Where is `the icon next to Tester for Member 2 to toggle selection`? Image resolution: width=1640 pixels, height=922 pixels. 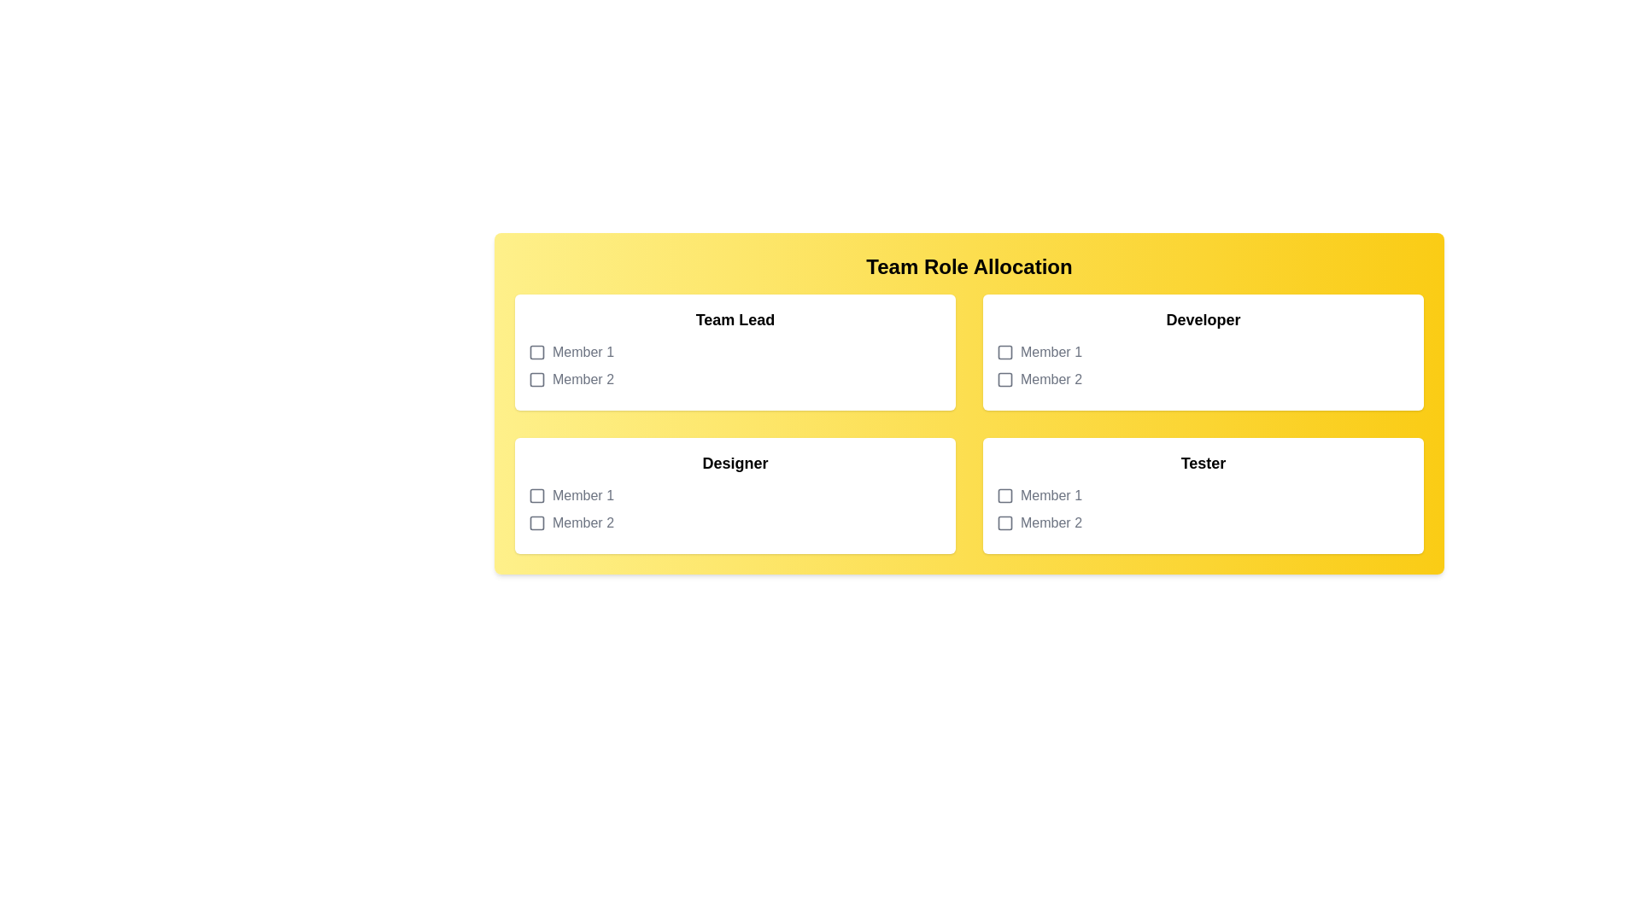 the icon next to Tester for Member 2 to toggle selection is located at coordinates (1004, 522).